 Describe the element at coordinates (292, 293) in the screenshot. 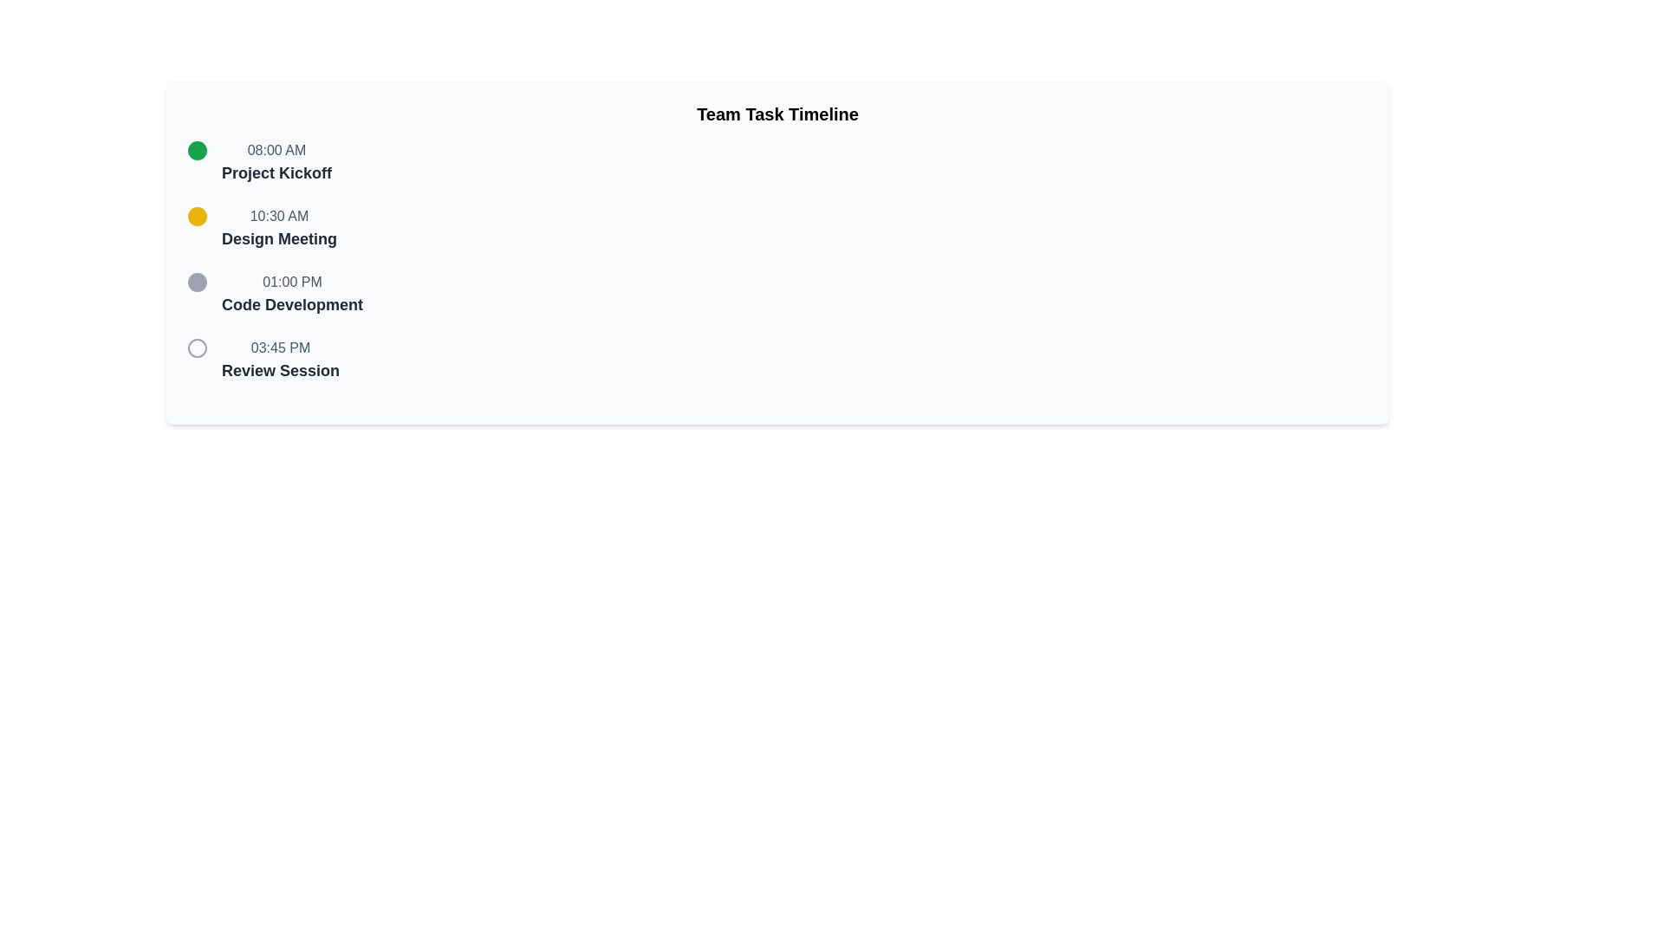

I see `the Text Display element that shows '01:00 PM' above 'Code Development', which is the third item in a vertical timeline layout of events` at that location.